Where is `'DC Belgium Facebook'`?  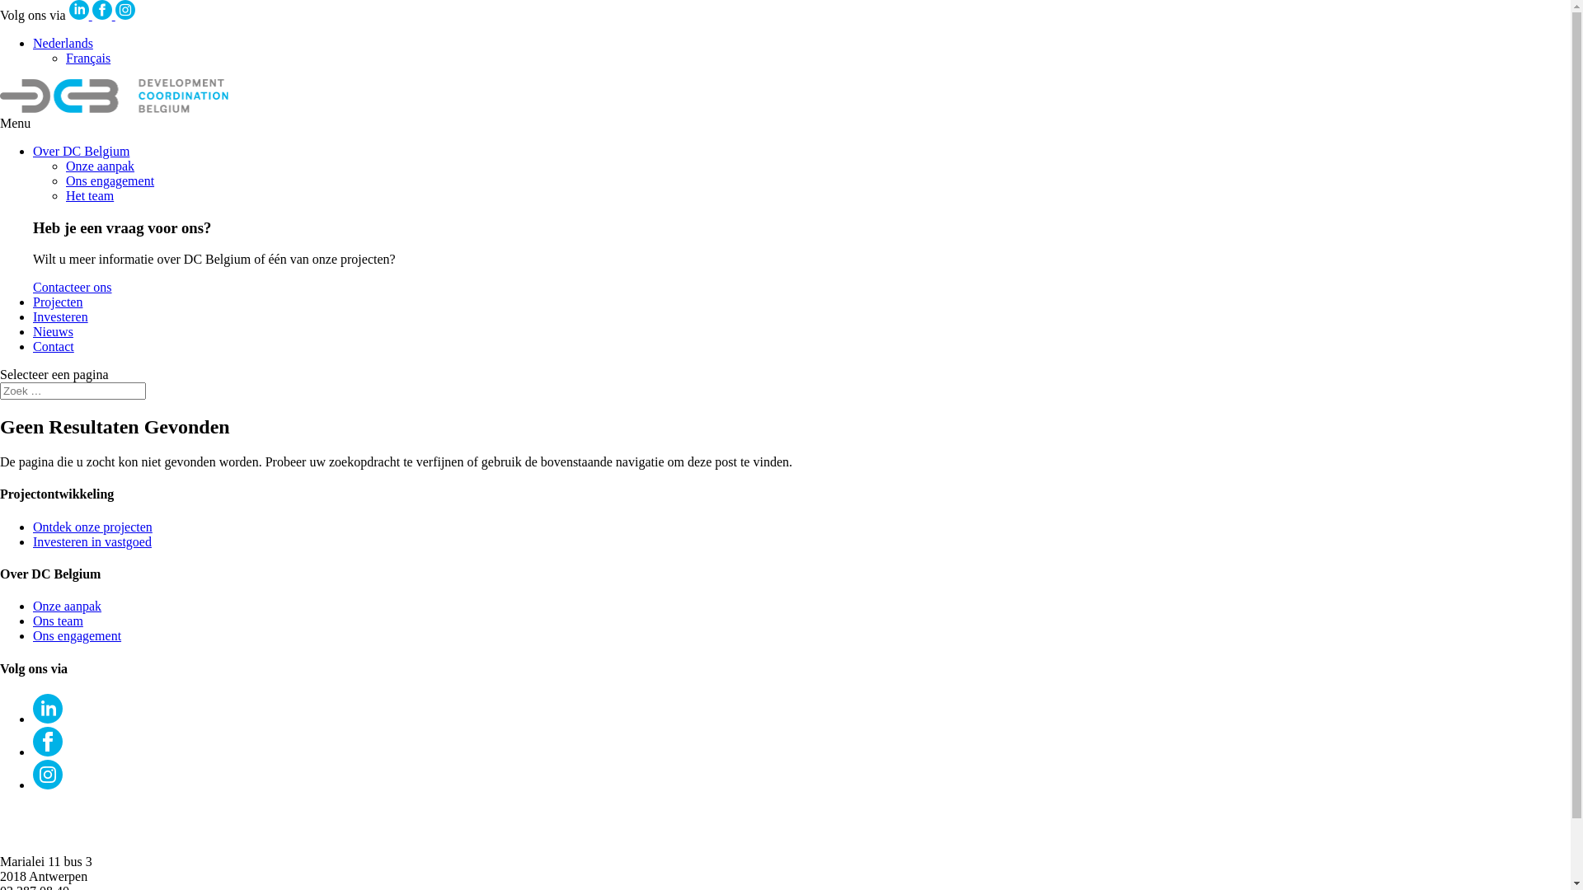 'DC Belgium Facebook' is located at coordinates (102, 15).